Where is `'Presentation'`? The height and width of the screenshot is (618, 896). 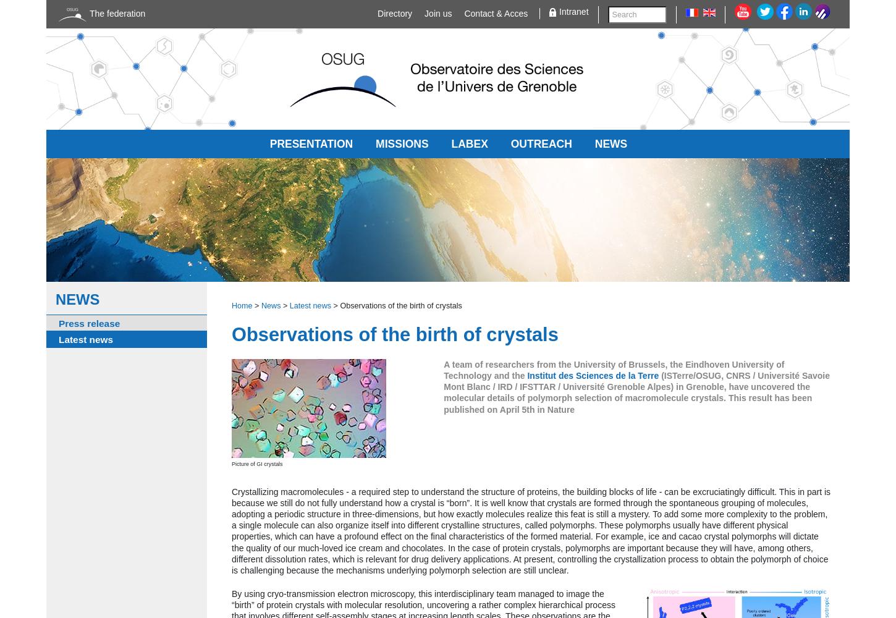 'Presentation' is located at coordinates (311, 143).